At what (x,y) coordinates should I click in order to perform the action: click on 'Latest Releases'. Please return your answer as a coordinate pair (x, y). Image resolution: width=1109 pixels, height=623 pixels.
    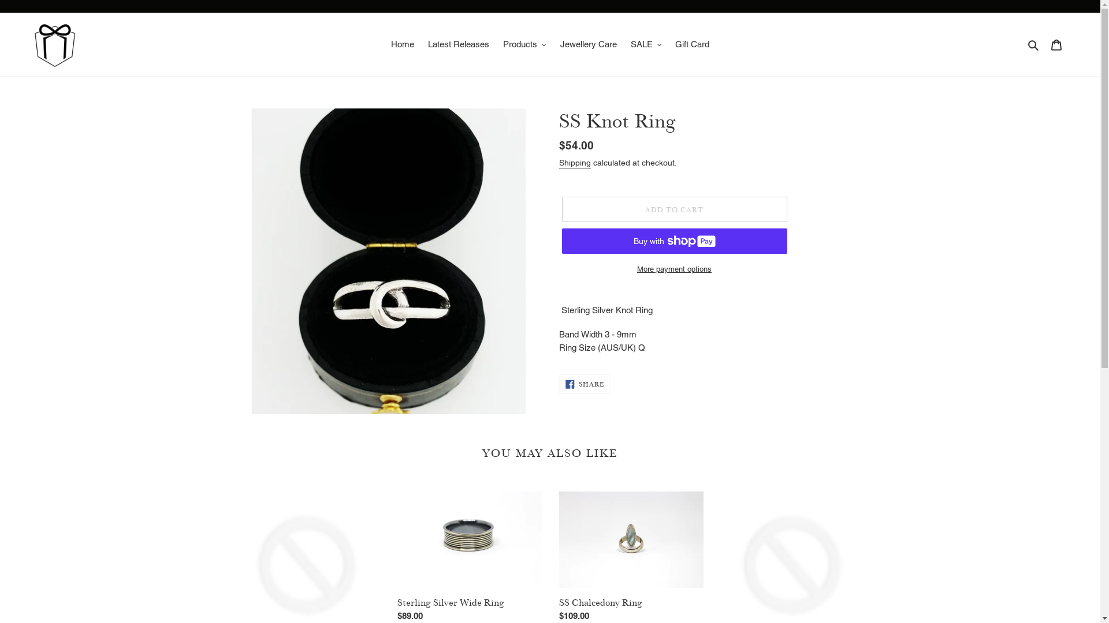
    Looking at the image, I should click on (457, 44).